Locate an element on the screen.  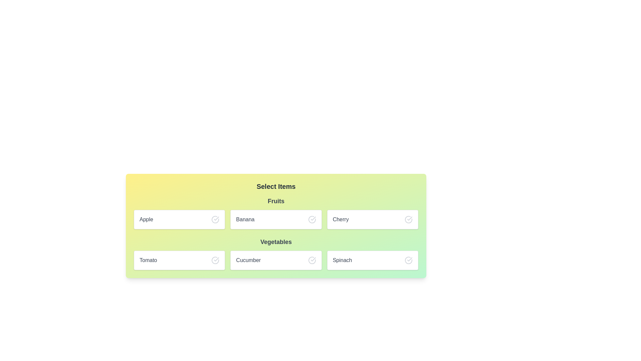
the 'Spinach' selectable list item, which is the third item is located at coordinates (372, 260).